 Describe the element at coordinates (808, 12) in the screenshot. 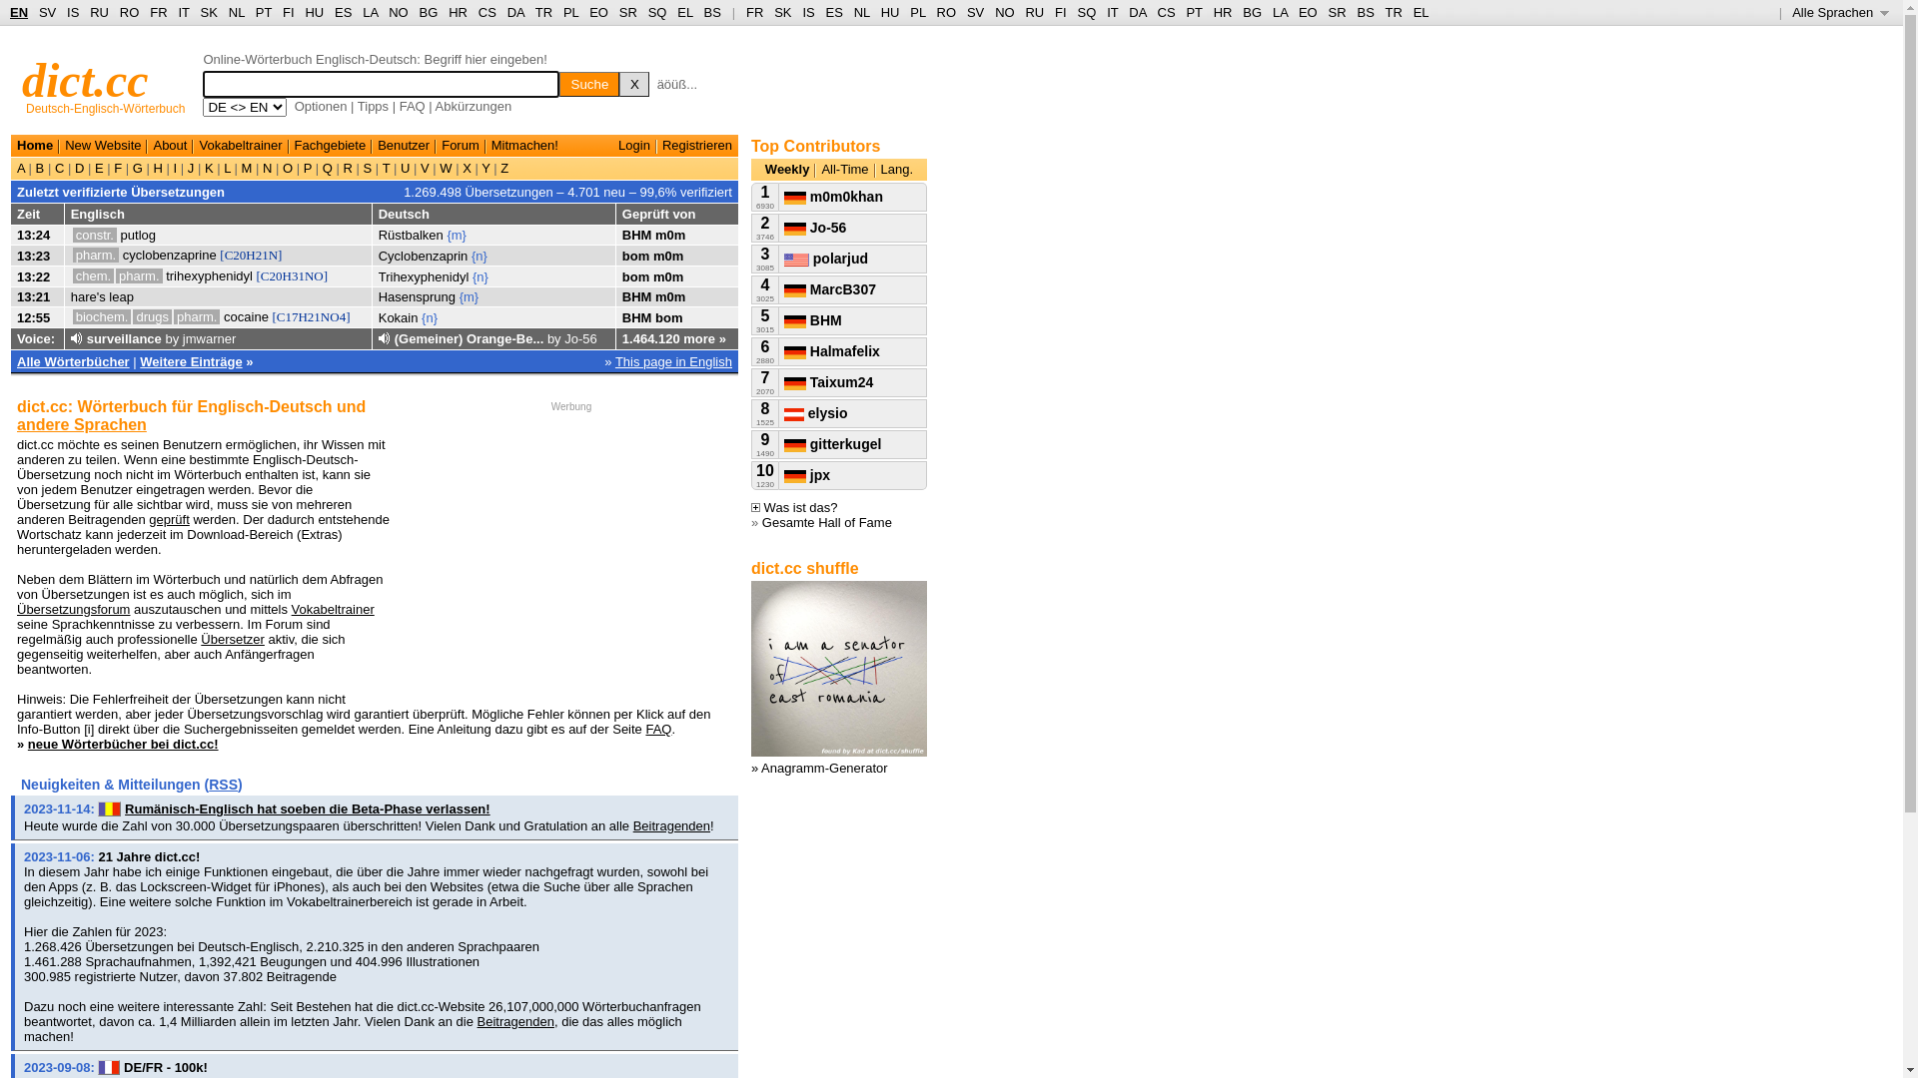

I see `'IS'` at that location.